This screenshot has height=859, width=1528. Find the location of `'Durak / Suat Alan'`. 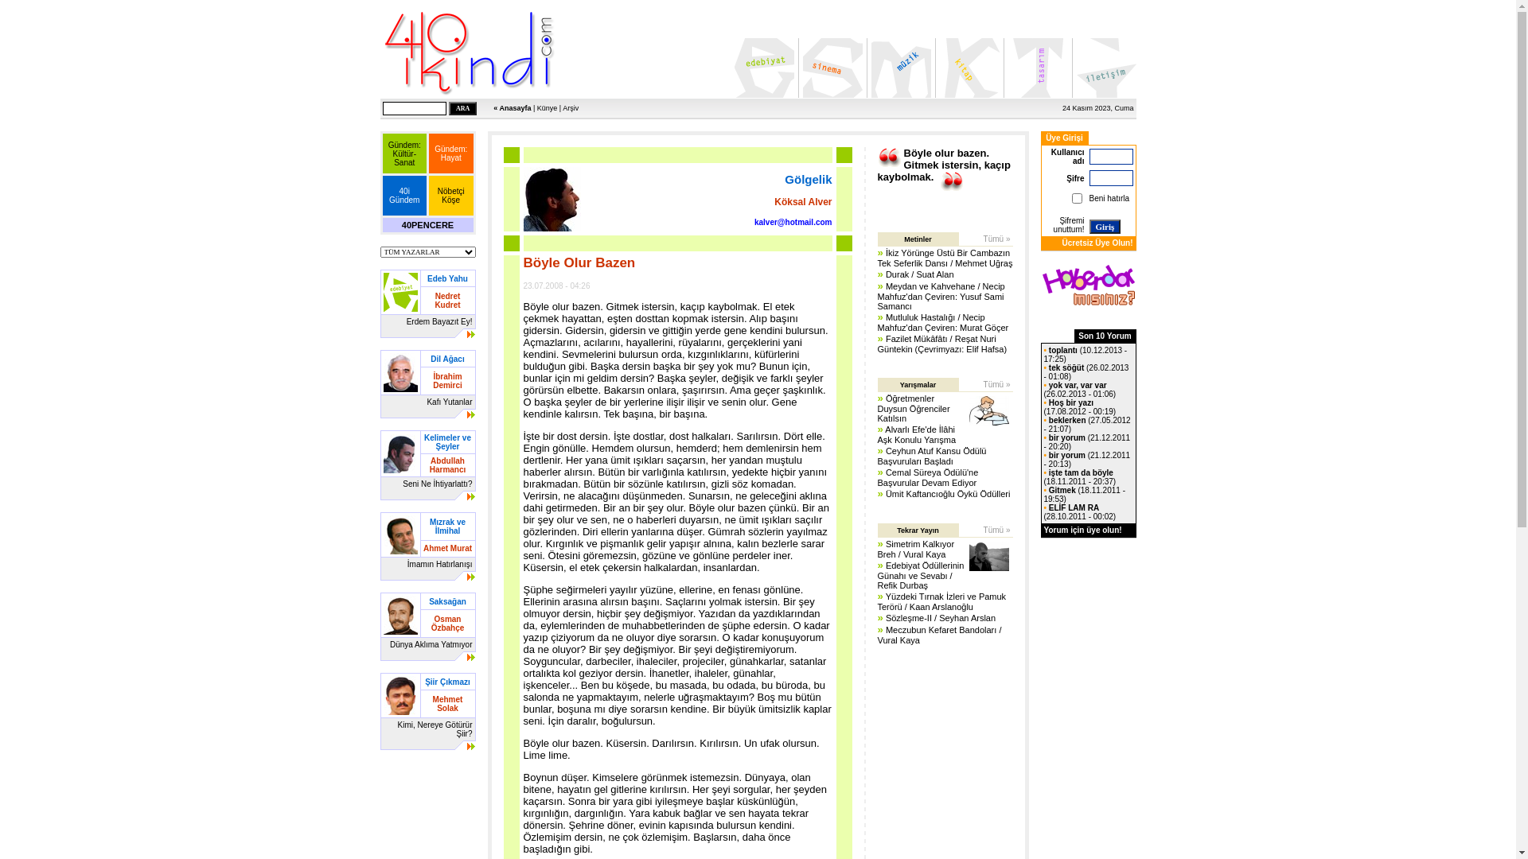

'Durak / Suat Alan' is located at coordinates (920, 273).